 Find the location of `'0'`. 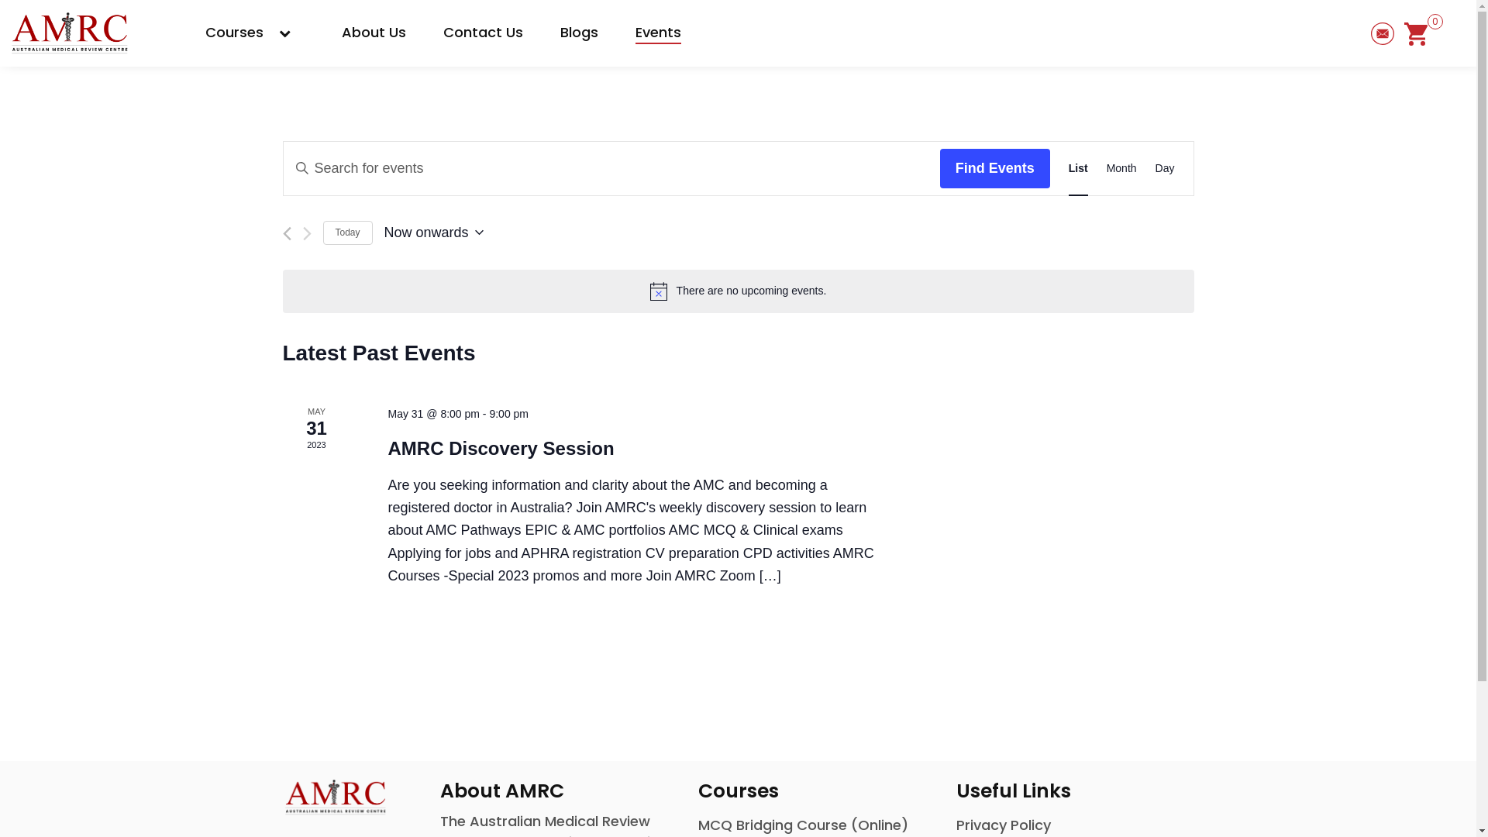

'0' is located at coordinates (1416, 33).